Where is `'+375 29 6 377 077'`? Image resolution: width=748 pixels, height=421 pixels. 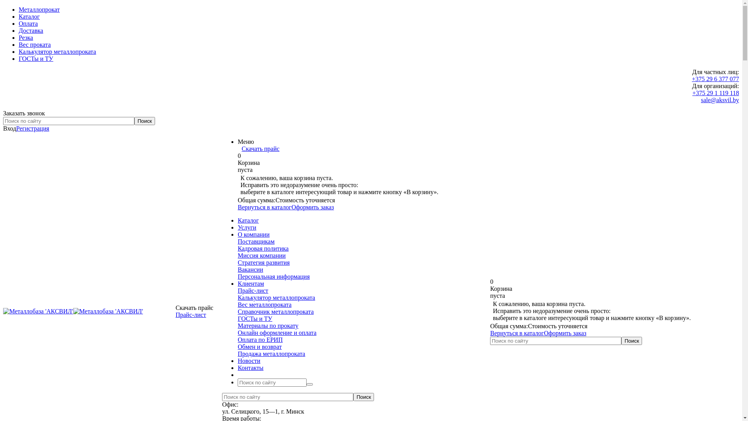 '+375 29 6 377 077' is located at coordinates (715, 79).